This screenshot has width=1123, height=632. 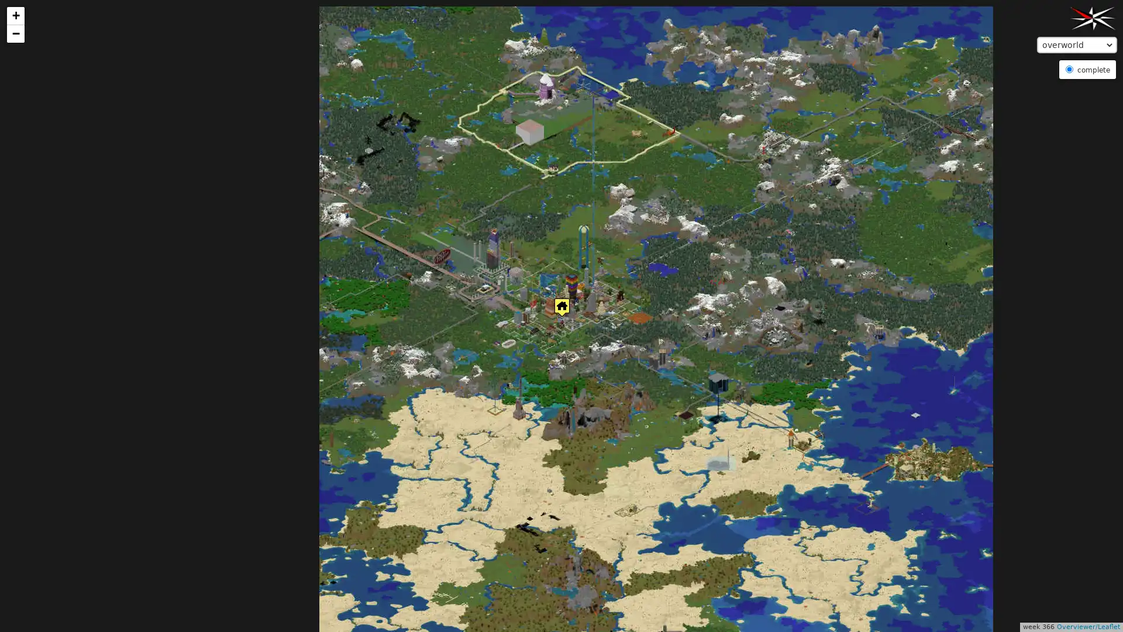 I want to click on Zoom in, so click(x=16, y=16).